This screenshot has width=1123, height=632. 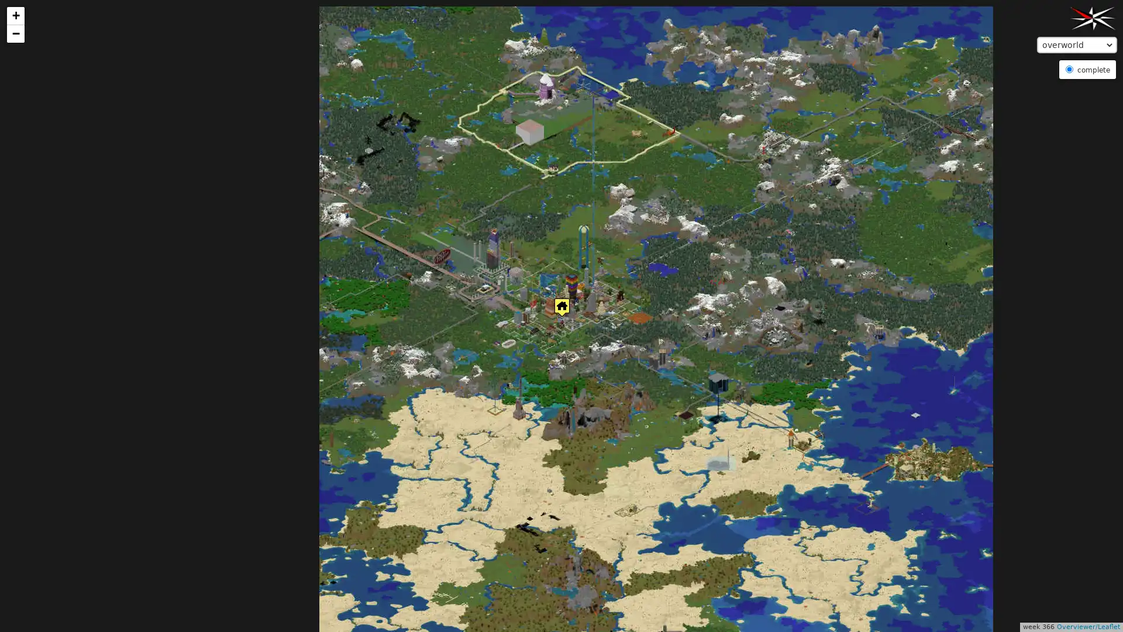 I want to click on Zoom in, so click(x=16, y=16).